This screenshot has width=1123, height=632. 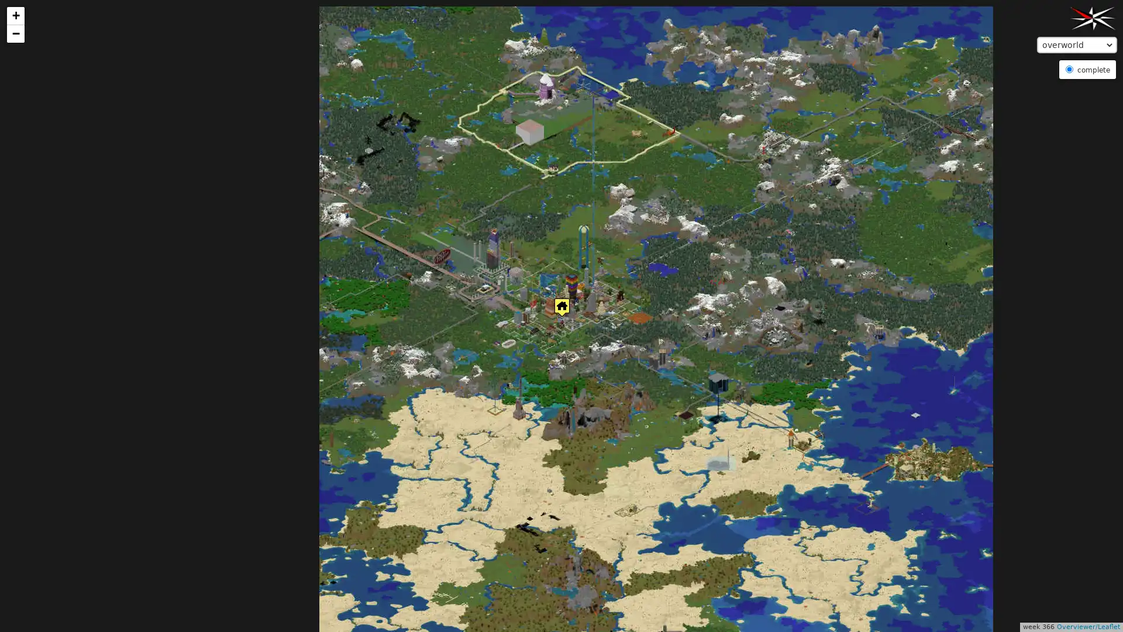 I want to click on Zoom in, so click(x=16, y=16).